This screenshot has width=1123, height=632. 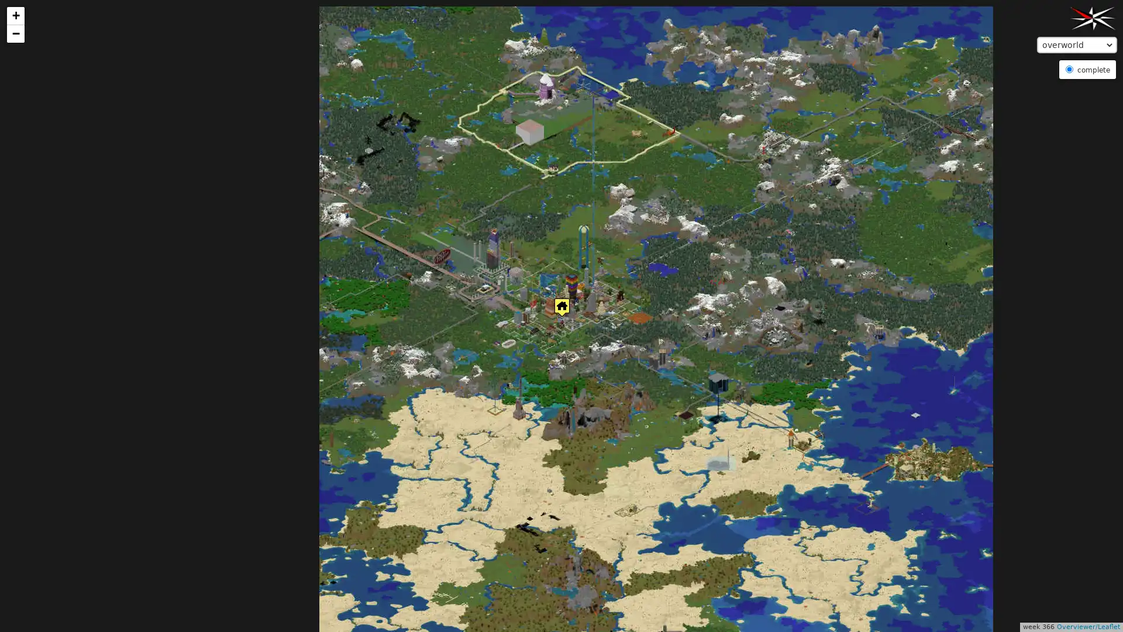 I want to click on Zoom in, so click(x=16, y=16).